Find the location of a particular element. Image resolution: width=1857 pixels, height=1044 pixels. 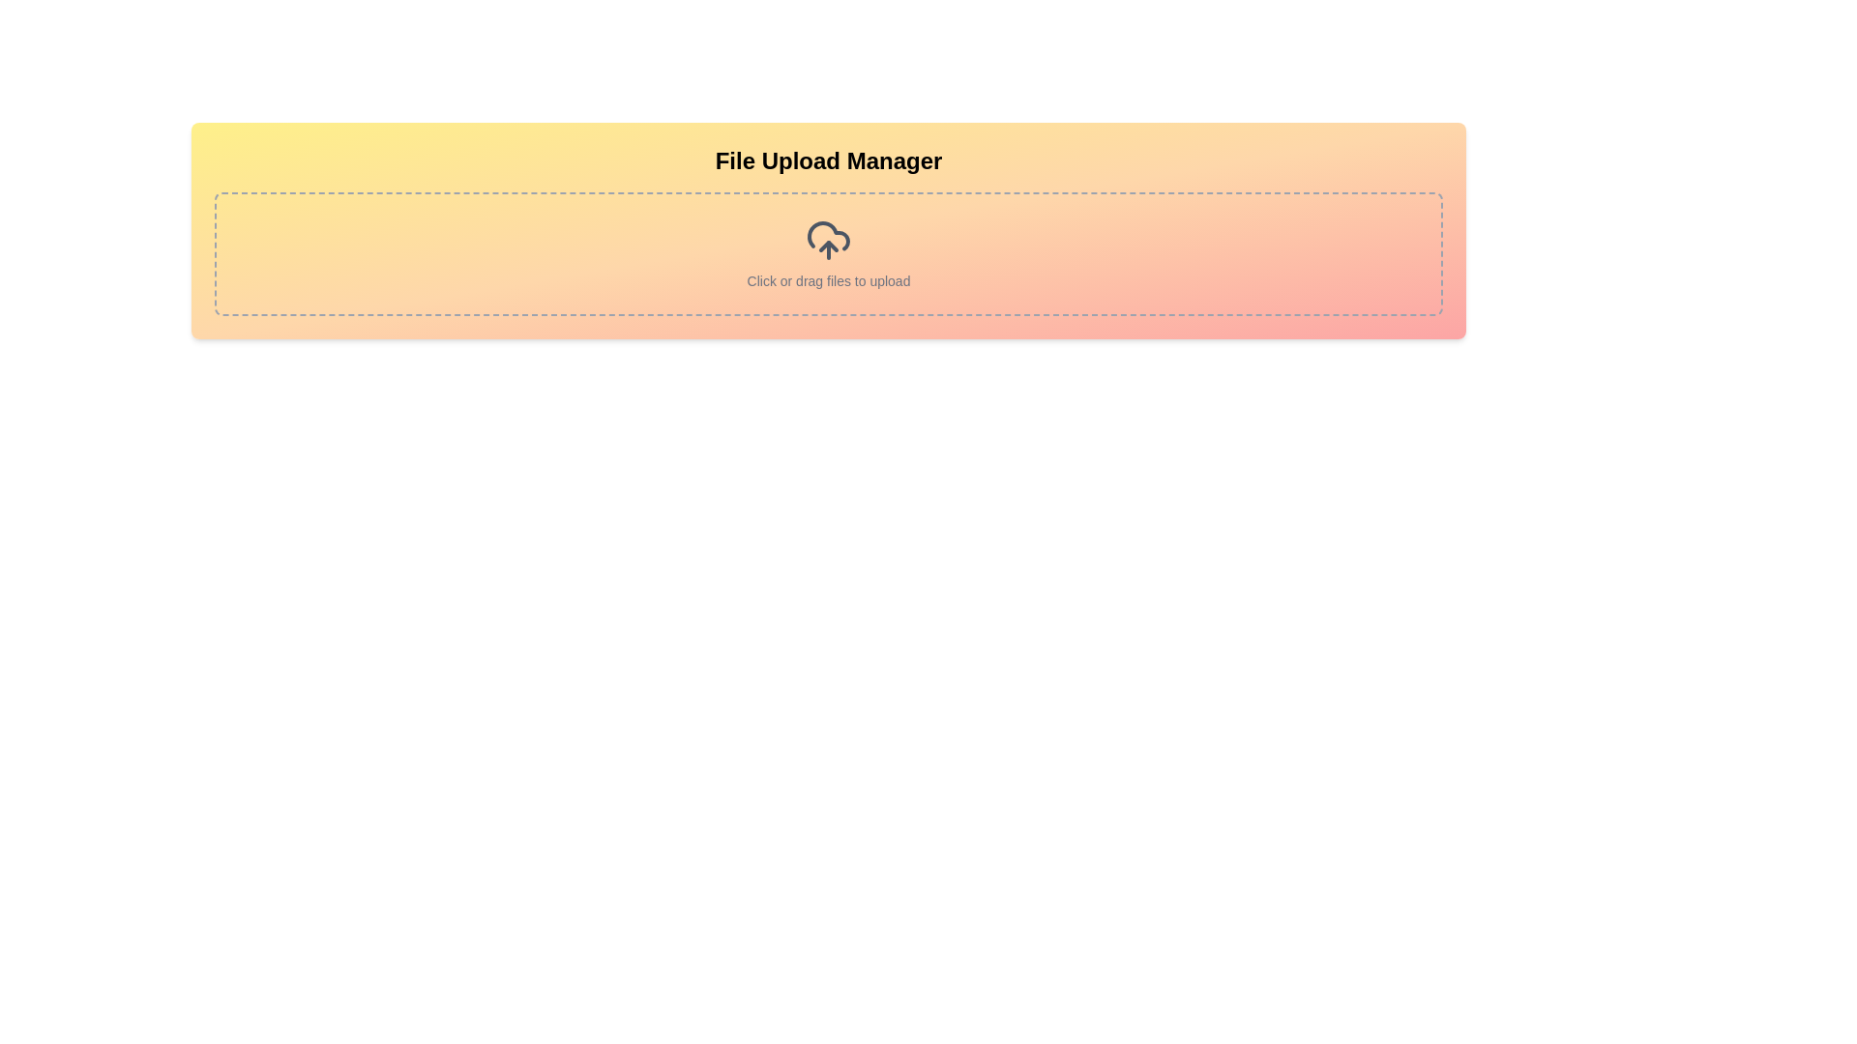

text label that informs users about the functionality of the surrounding interactive area for file uploads, located centrally within the dashed-bordered rectangular area below the upload icon is located at coordinates (829, 280).